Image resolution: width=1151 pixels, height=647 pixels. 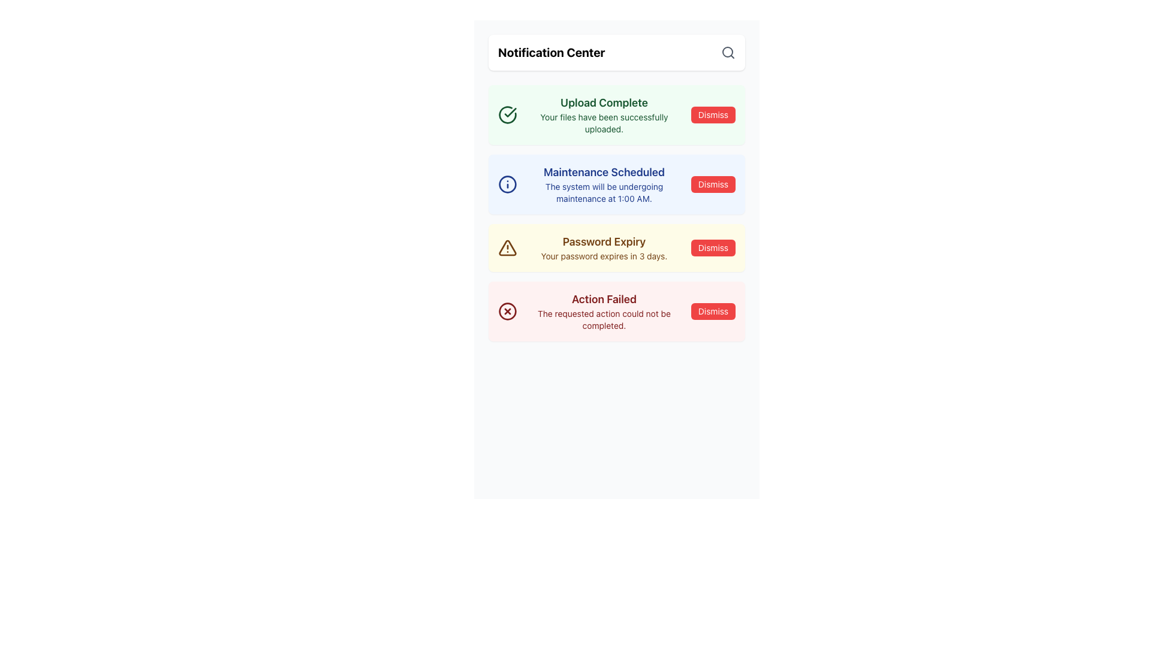 I want to click on the text content in the first notification card that indicates the successful completion of an upload process, which is located at the top of the notification center, so click(x=604, y=115).